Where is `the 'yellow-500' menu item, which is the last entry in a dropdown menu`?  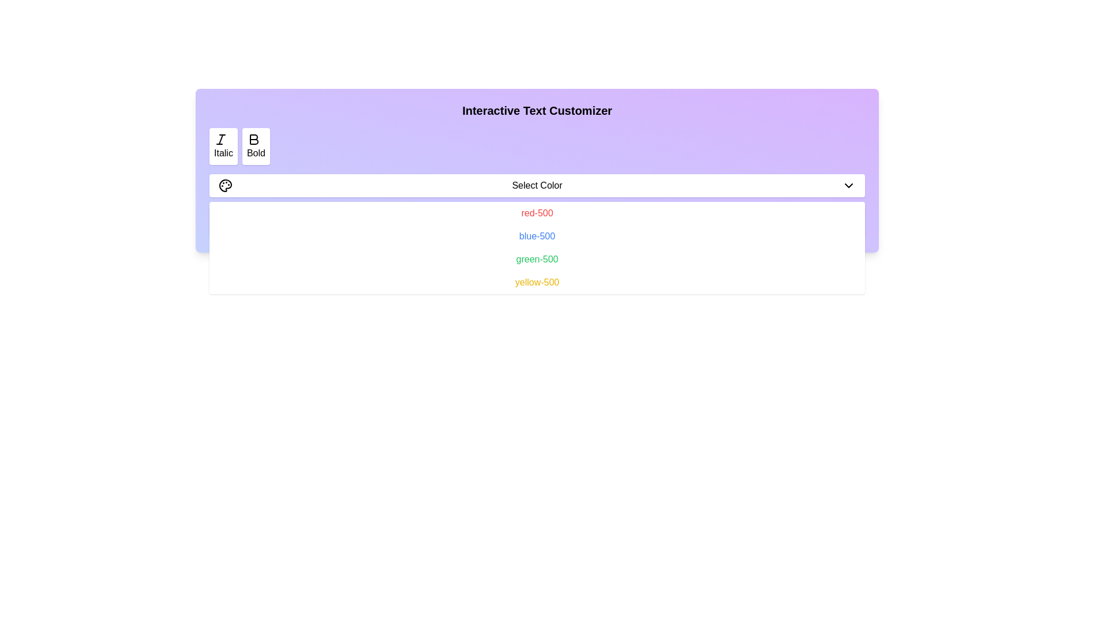
the 'yellow-500' menu item, which is the last entry in a dropdown menu is located at coordinates (537, 282).